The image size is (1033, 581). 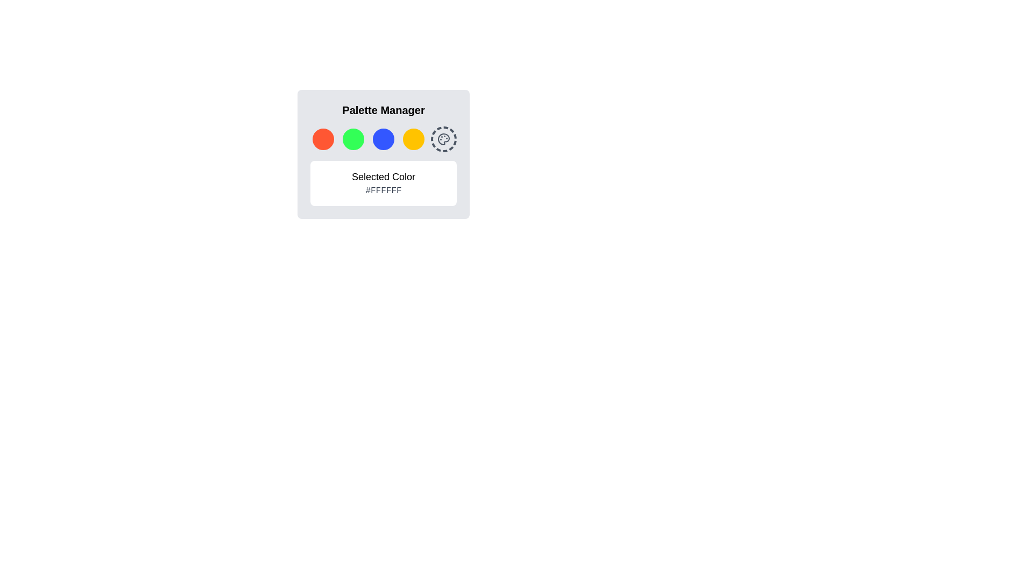 What do you see at coordinates (384, 138) in the screenshot?
I see `the third circular button in the Palette Manager interface` at bounding box center [384, 138].